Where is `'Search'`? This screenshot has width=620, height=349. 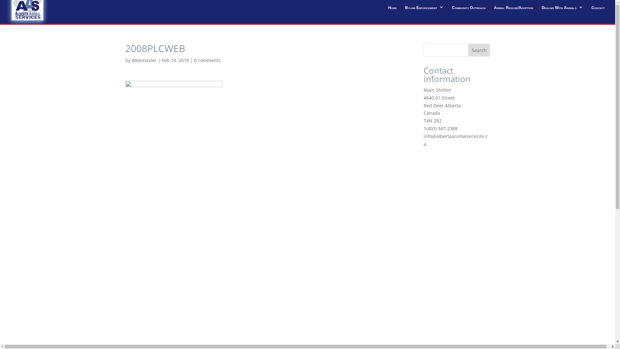 'Search' is located at coordinates (468, 49).